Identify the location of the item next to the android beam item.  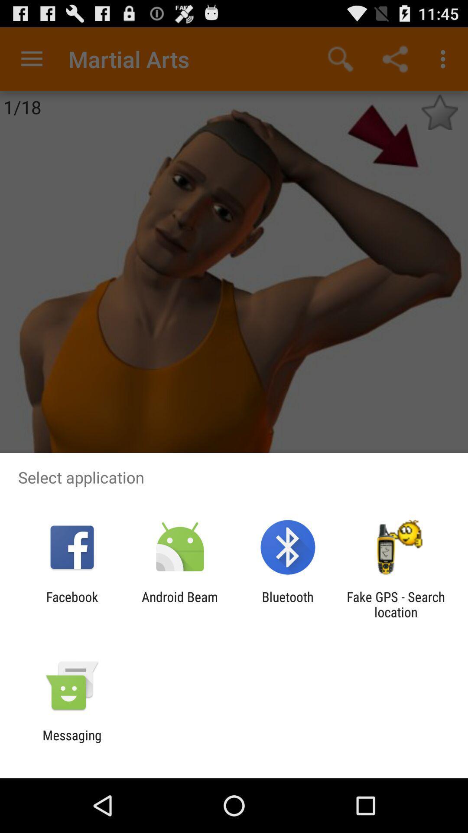
(71, 604).